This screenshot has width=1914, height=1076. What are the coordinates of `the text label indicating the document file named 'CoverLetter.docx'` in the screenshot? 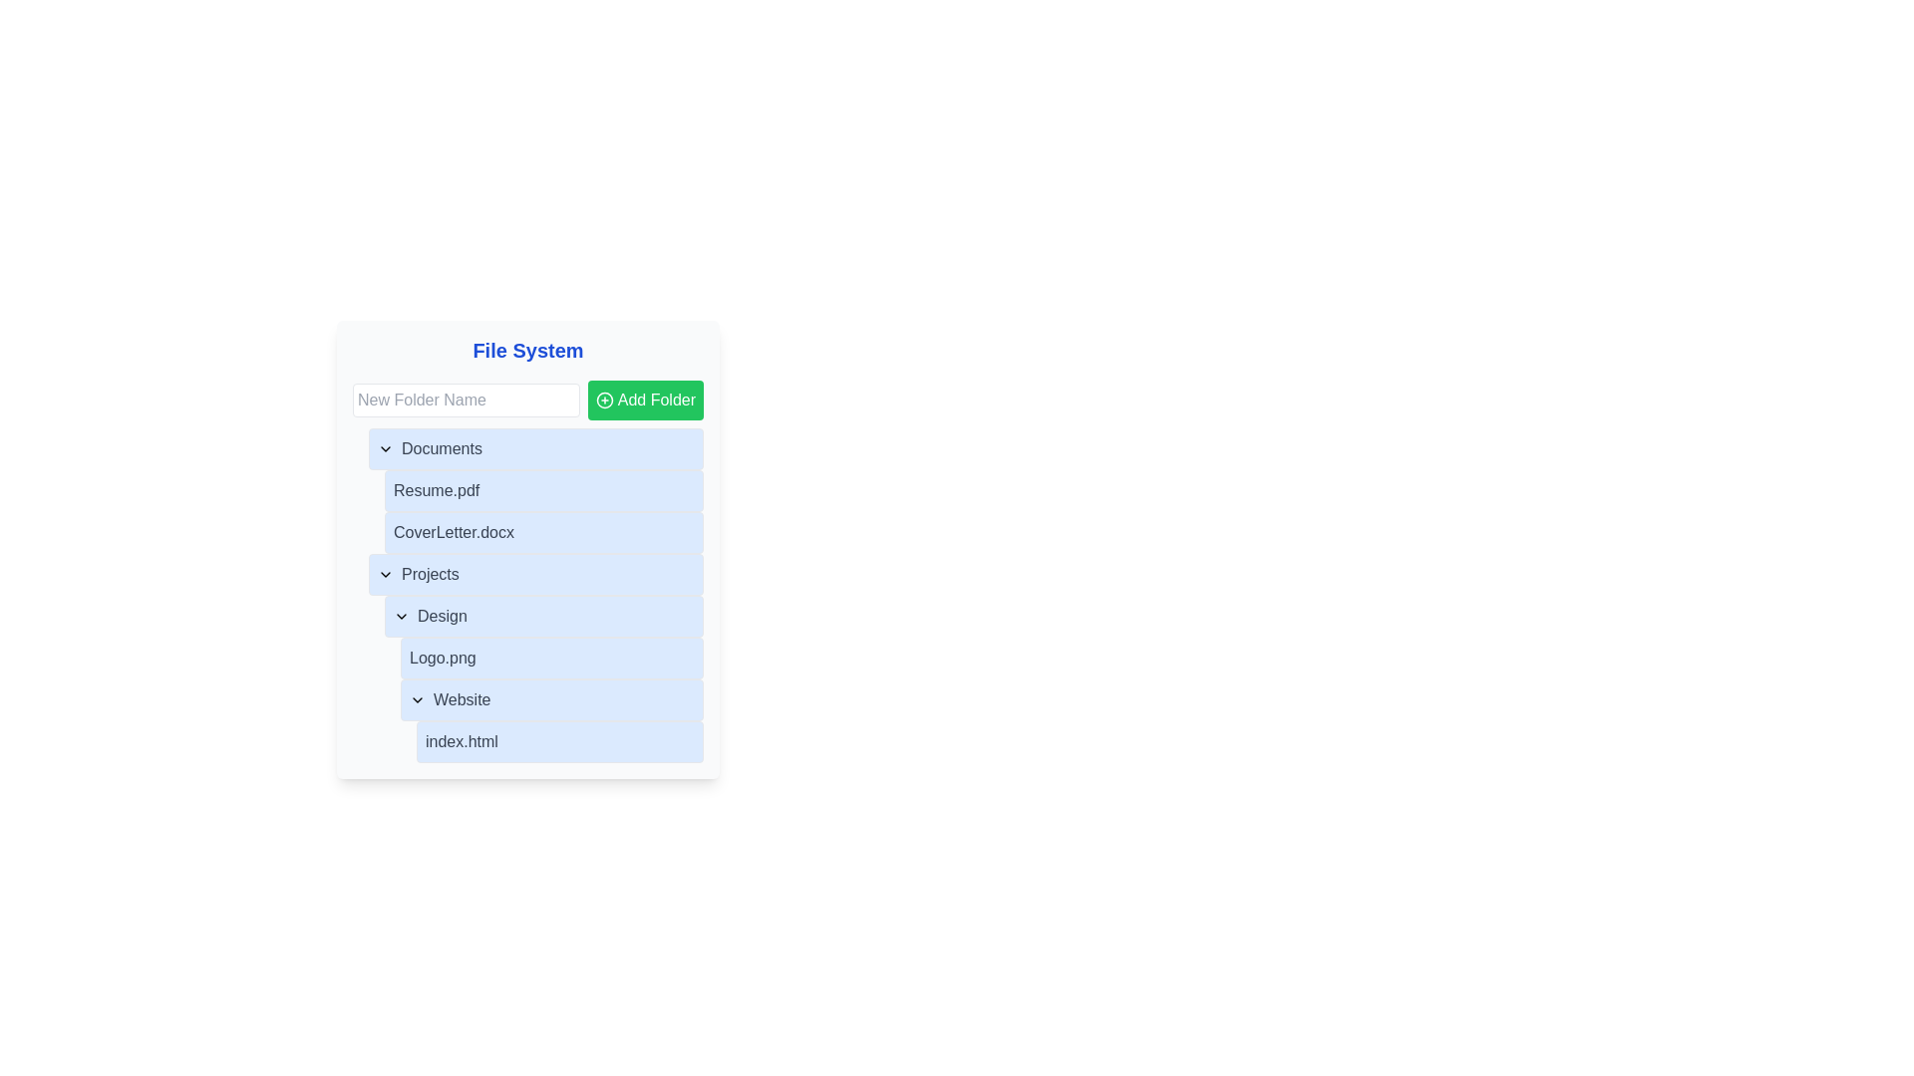 It's located at (453, 532).